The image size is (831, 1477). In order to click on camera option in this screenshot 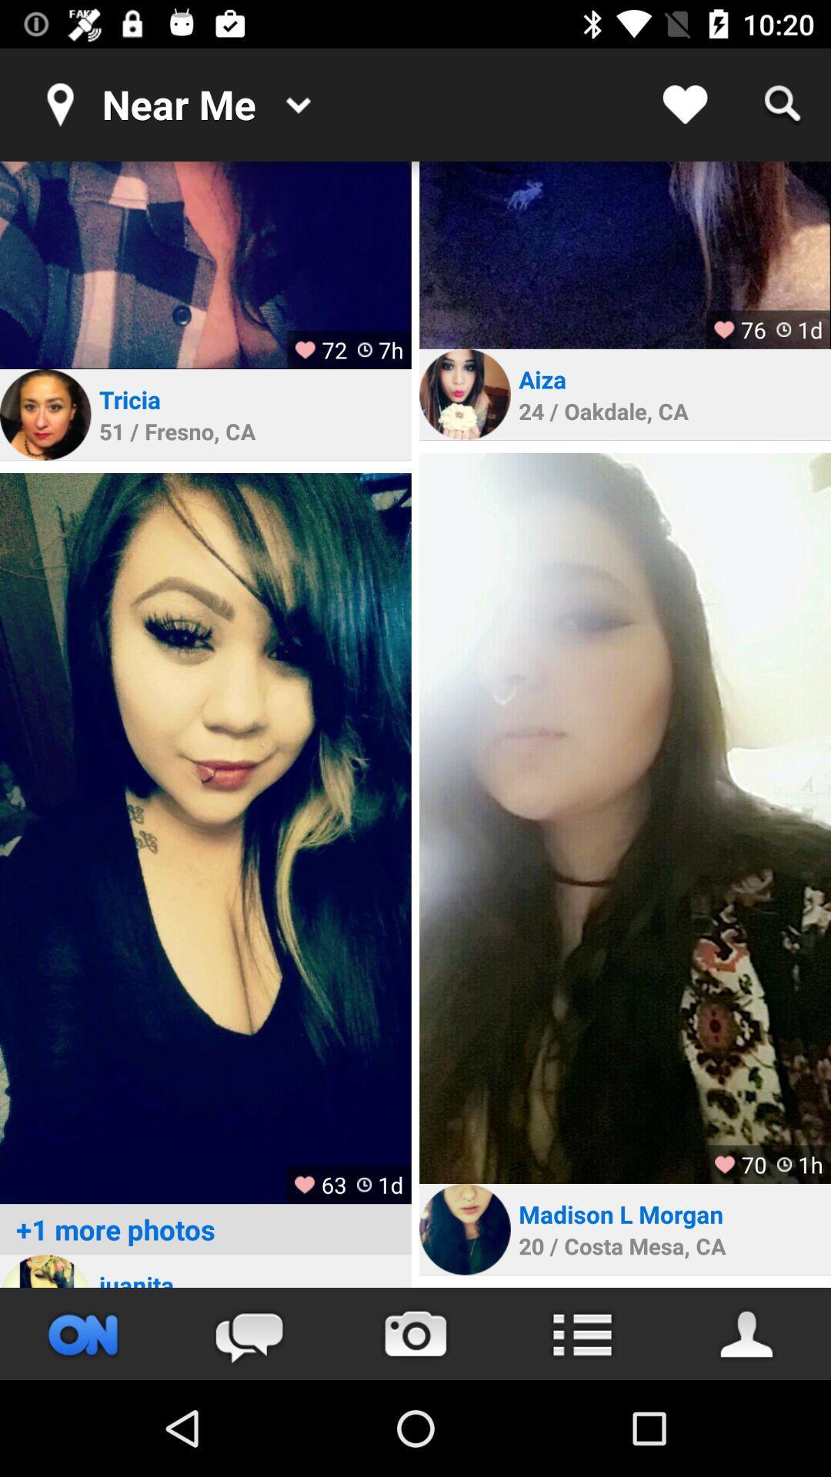, I will do `click(415, 1333)`.